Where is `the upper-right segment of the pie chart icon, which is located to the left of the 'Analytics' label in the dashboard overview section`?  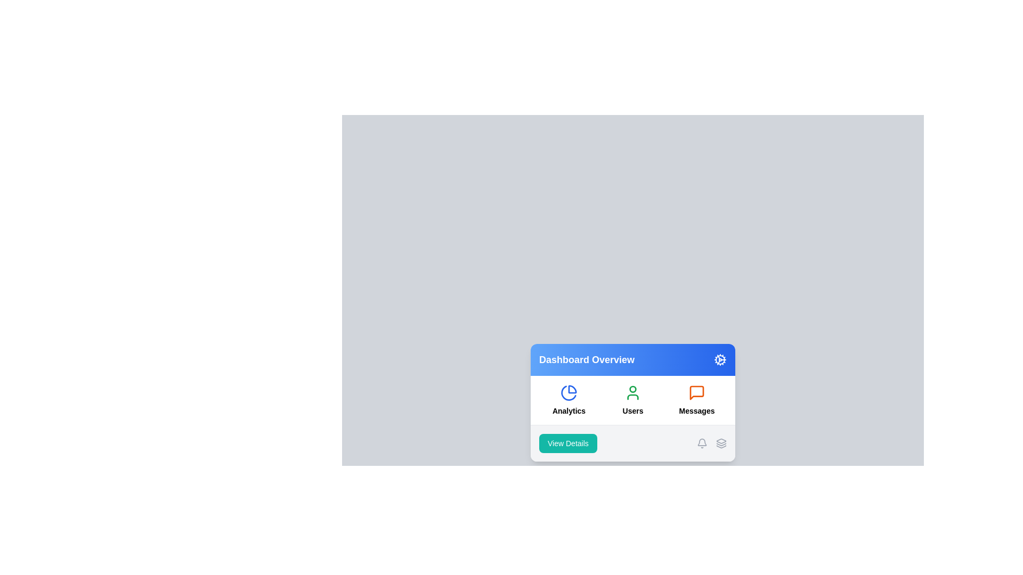 the upper-right segment of the pie chart icon, which is located to the left of the 'Analytics' label in the dashboard overview section is located at coordinates (572, 389).